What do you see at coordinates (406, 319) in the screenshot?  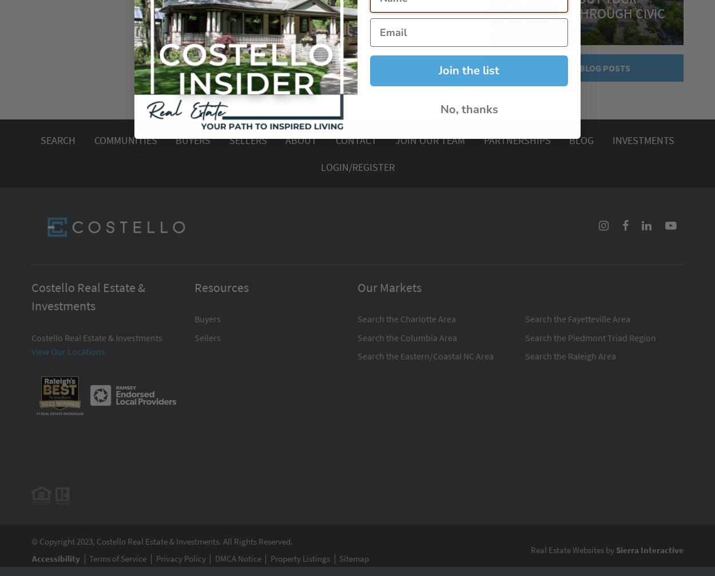 I see `'Search the Charlotte Area'` at bounding box center [406, 319].